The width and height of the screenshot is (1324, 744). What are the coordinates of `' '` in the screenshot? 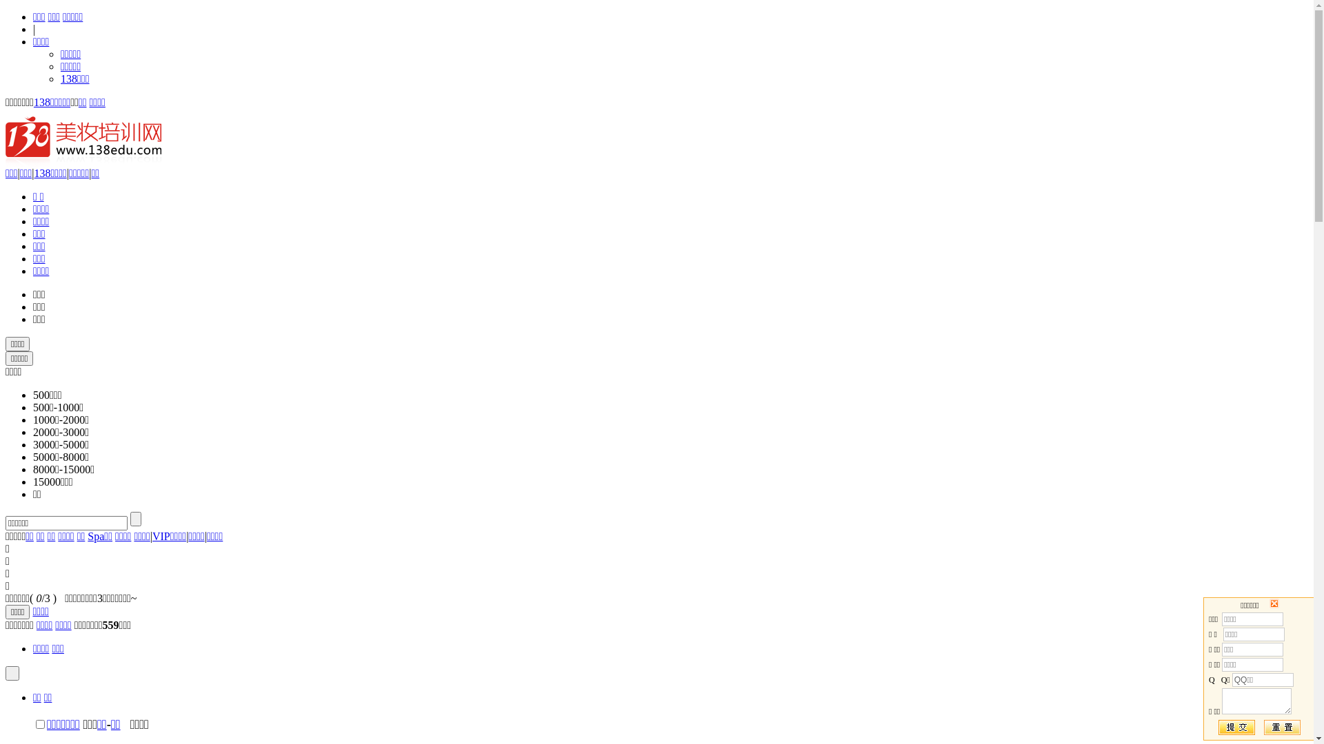 It's located at (12, 672).